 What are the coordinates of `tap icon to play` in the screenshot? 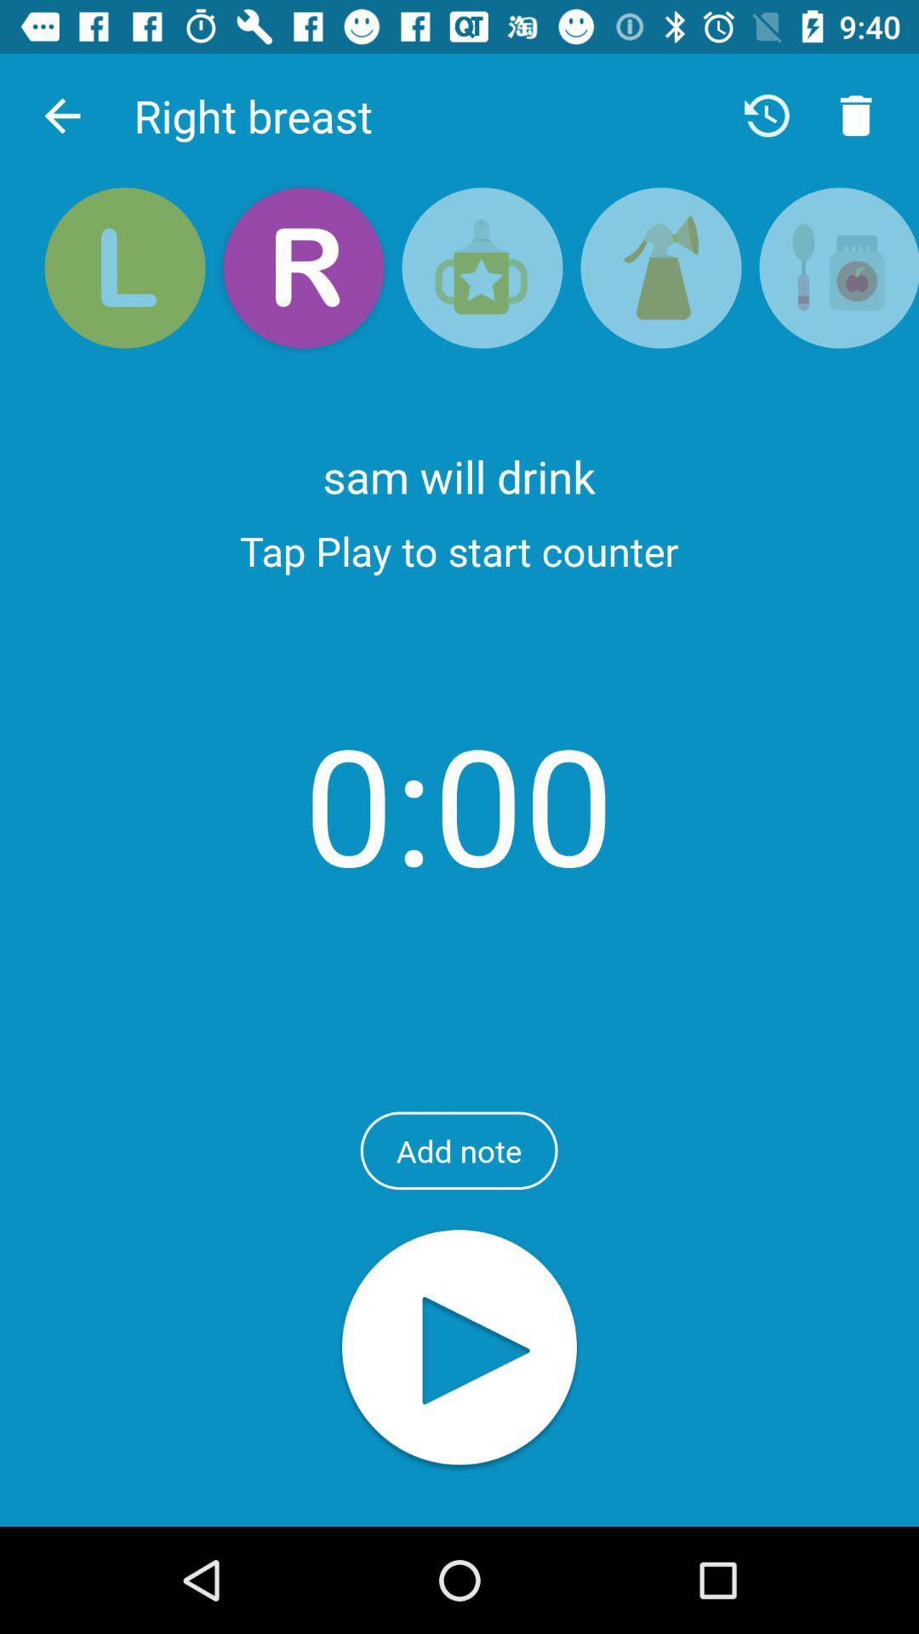 It's located at (459, 1348).